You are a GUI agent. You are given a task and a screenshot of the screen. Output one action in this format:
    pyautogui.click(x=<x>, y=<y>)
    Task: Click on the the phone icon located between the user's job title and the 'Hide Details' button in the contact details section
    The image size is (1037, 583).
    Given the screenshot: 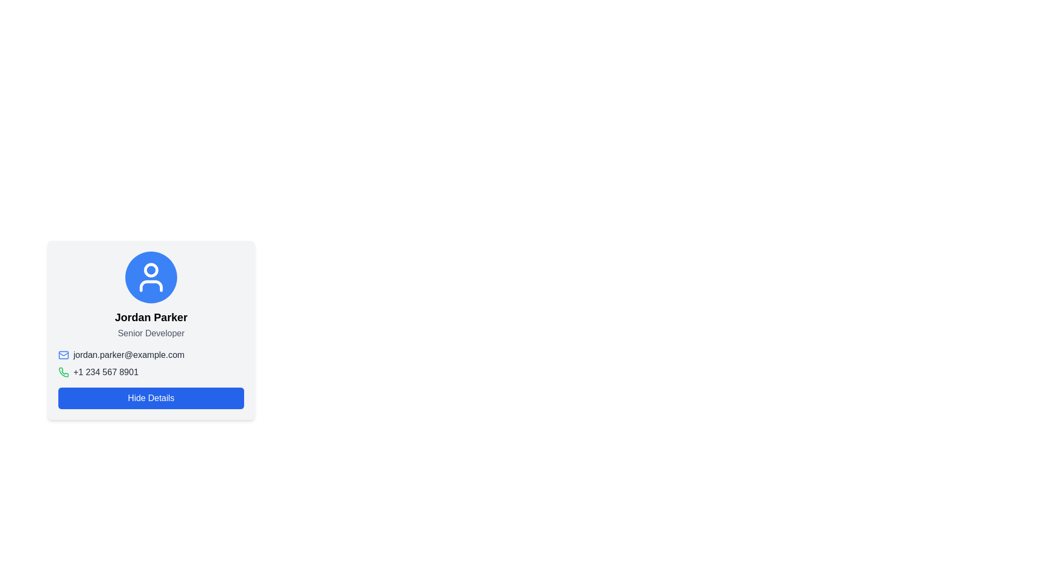 What is the action you would take?
    pyautogui.click(x=150, y=364)
    